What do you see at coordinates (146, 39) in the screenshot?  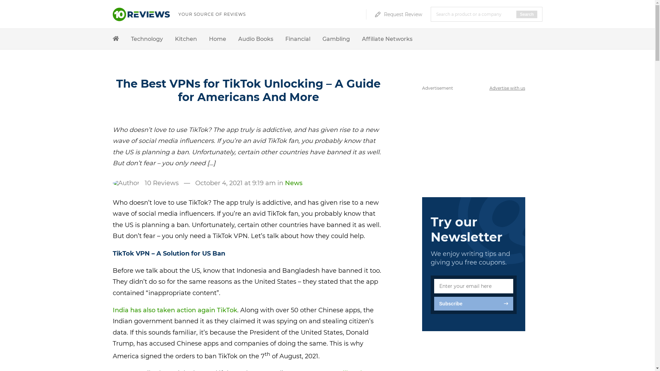 I see `'Technology'` at bounding box center [146, 39].